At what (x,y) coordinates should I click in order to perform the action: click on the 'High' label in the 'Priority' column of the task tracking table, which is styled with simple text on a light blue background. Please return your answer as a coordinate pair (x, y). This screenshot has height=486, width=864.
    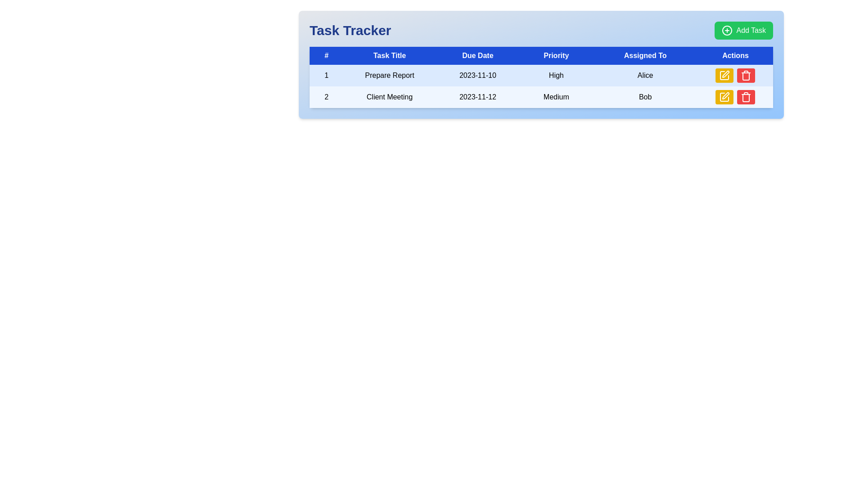
    Looking at the image, I should click on (556, 75).